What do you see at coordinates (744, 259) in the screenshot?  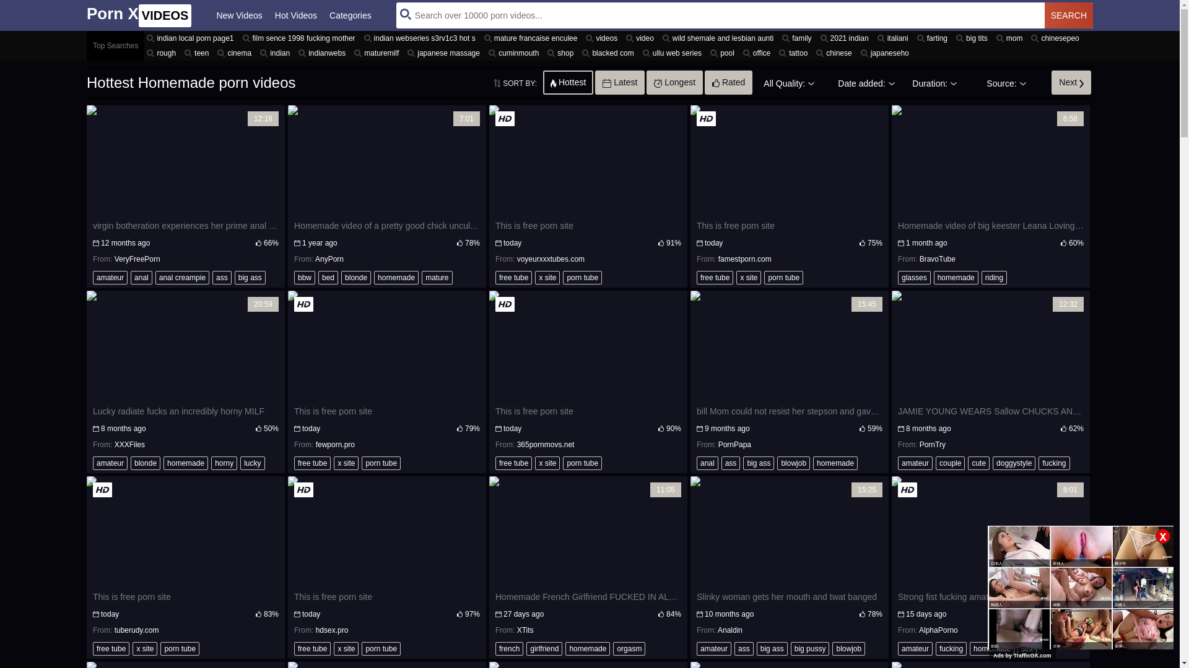 I see `'famestporn.com'` at bounding box center [744, 259].